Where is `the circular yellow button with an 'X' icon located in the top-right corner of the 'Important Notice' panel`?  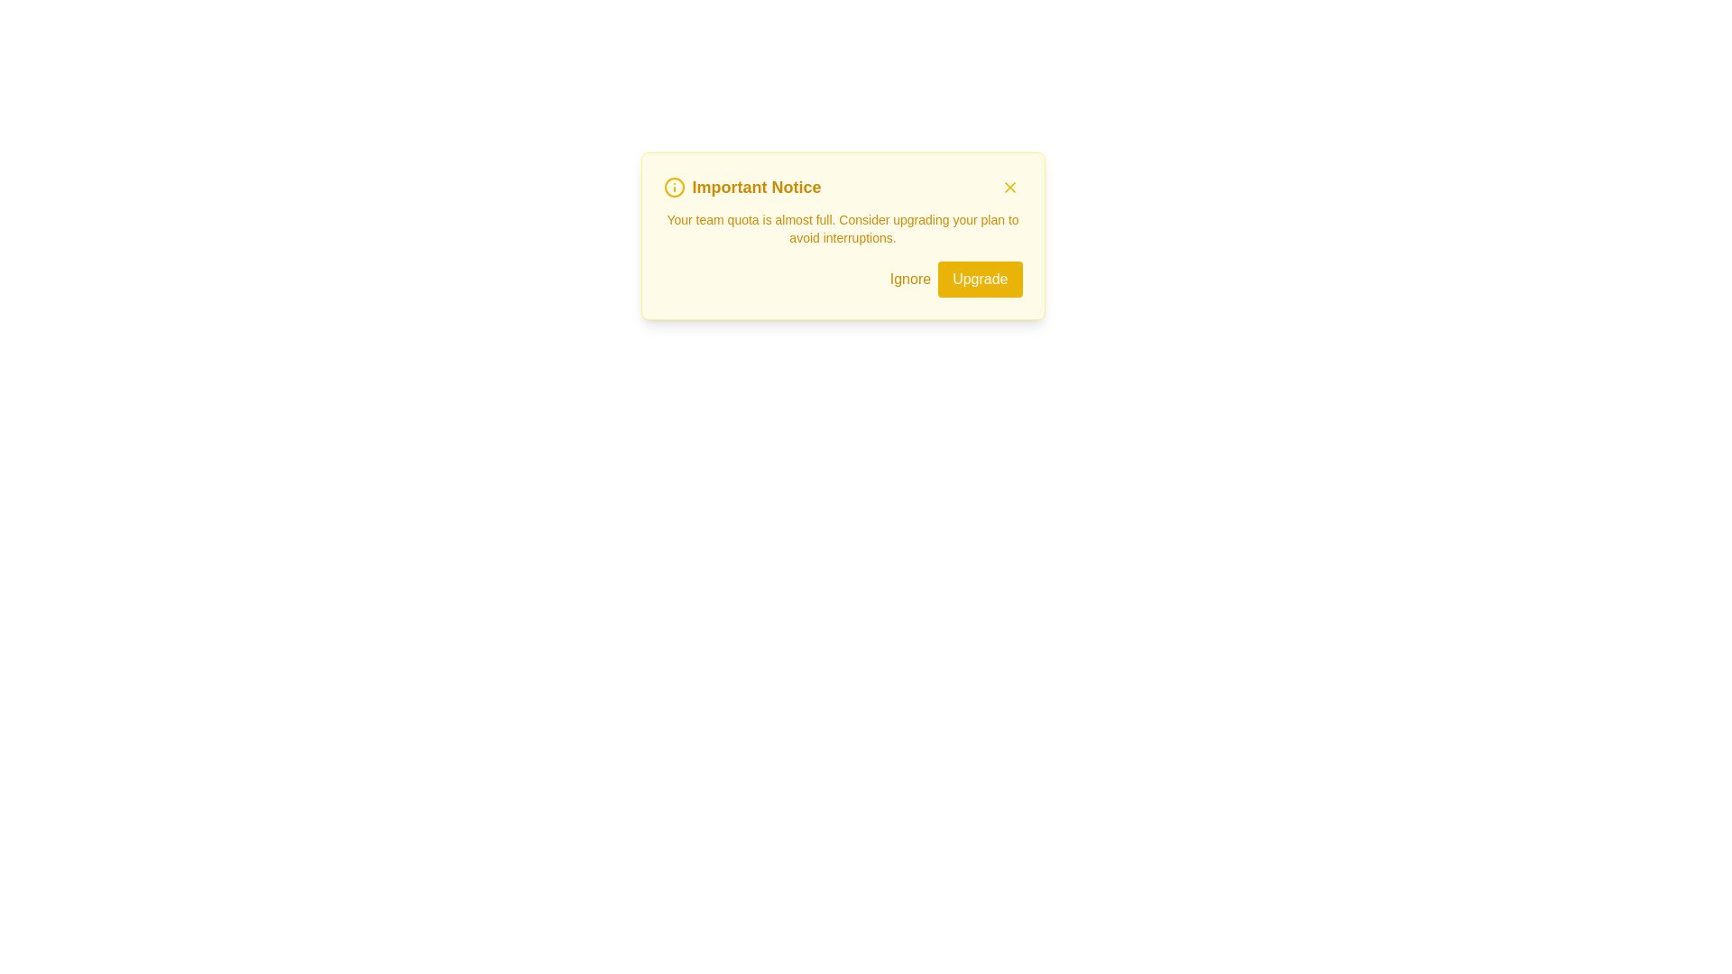
the circular yellow button with an 'X' icon located in the top-right corner of the 'Important Notice' panel is located at coordinates (1009, 188).